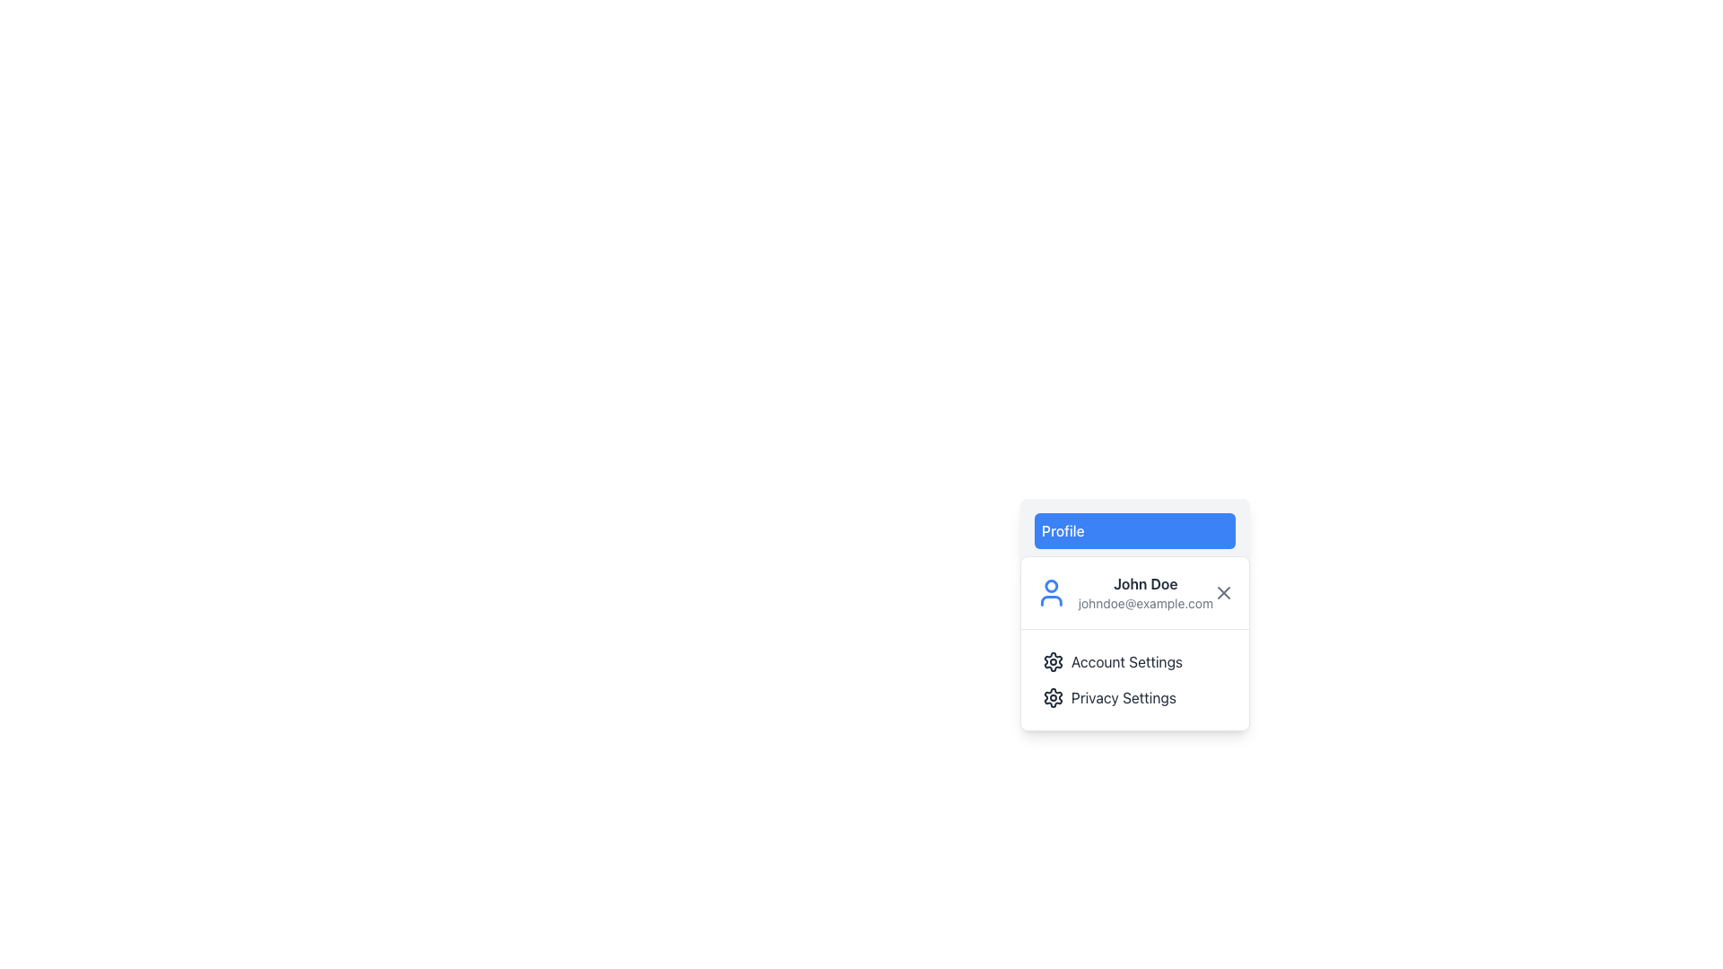  Describe the element at coordinates (1054, 661) in the screenshot. I see `the cogwheel icon located to the left of the 'Account Settings' button in the vertical menu under the profile section` at that location.